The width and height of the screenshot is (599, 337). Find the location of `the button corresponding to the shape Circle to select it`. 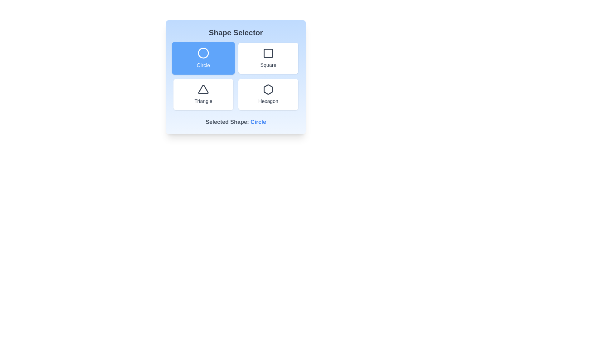

the button corresponding to the shape Circle to select it is located at coordinates (203, 58).